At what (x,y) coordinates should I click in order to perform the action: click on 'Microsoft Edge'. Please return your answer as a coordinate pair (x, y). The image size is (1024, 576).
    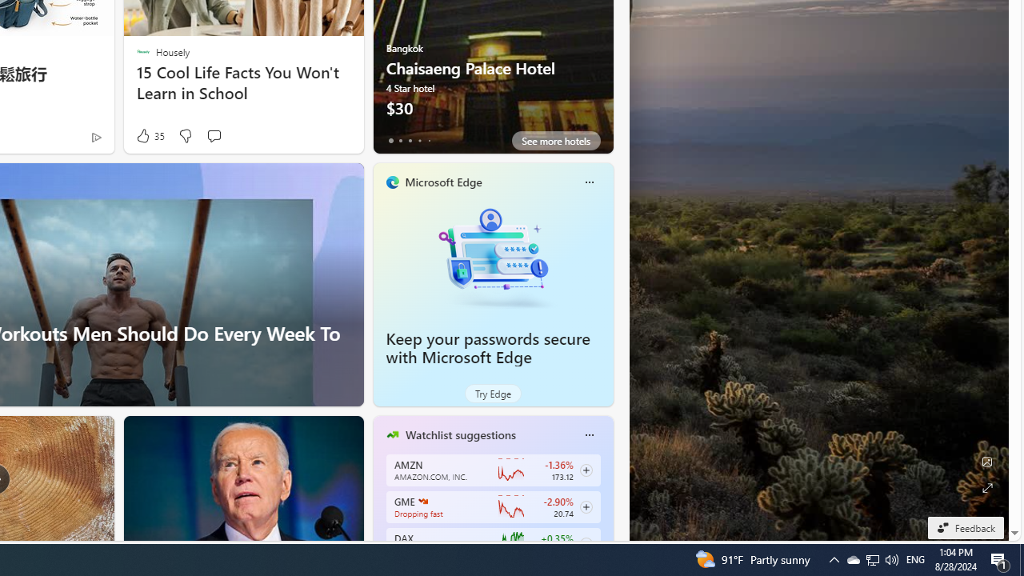
    Looking at the image, I should click on (443, 181).